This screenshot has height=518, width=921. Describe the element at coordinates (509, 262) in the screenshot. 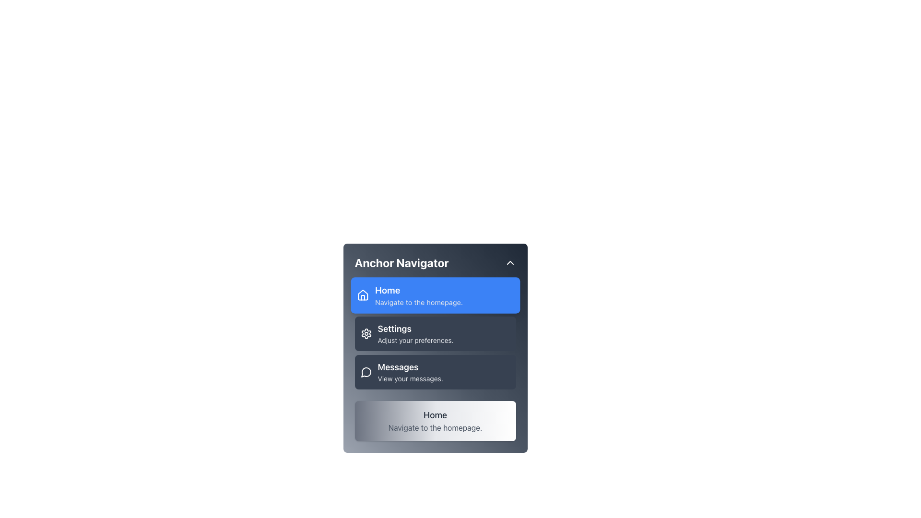

I see `the chevron arrow in the top-right corner of the 'Anchor Navigator' section` at that location.